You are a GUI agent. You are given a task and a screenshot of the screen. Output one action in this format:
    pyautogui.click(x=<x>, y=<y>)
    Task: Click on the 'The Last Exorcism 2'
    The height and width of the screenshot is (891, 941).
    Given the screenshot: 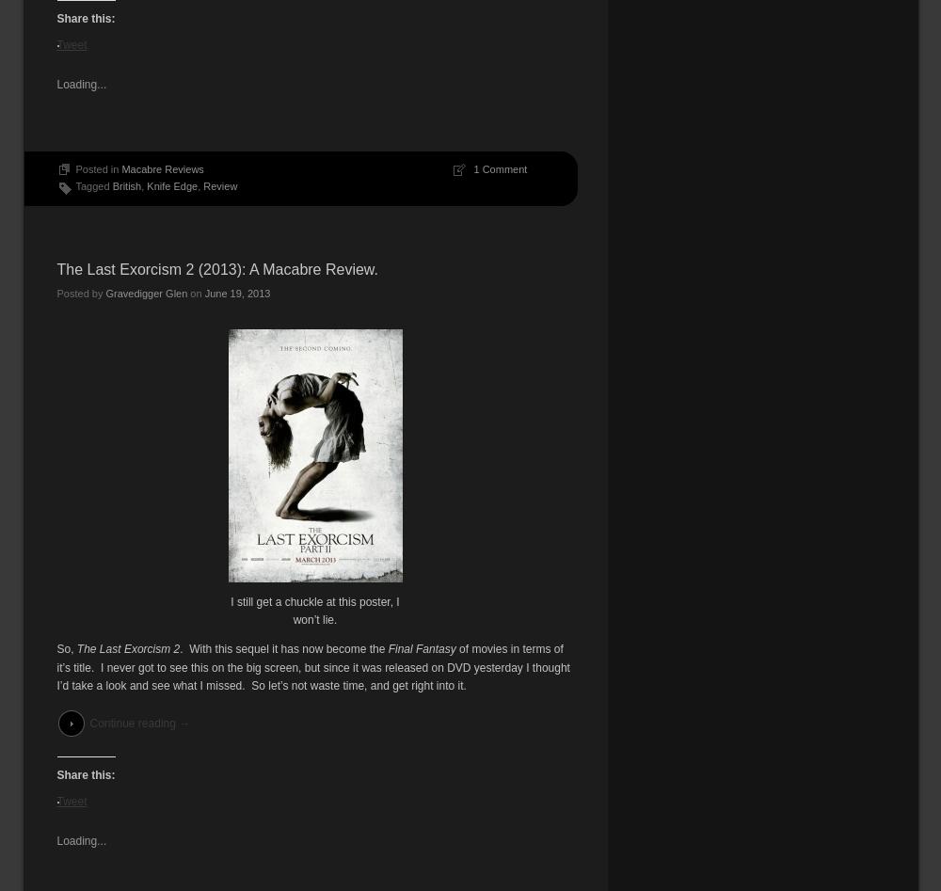 What is the action you would take?
    pyautogui.click(x=128, y=647)
    